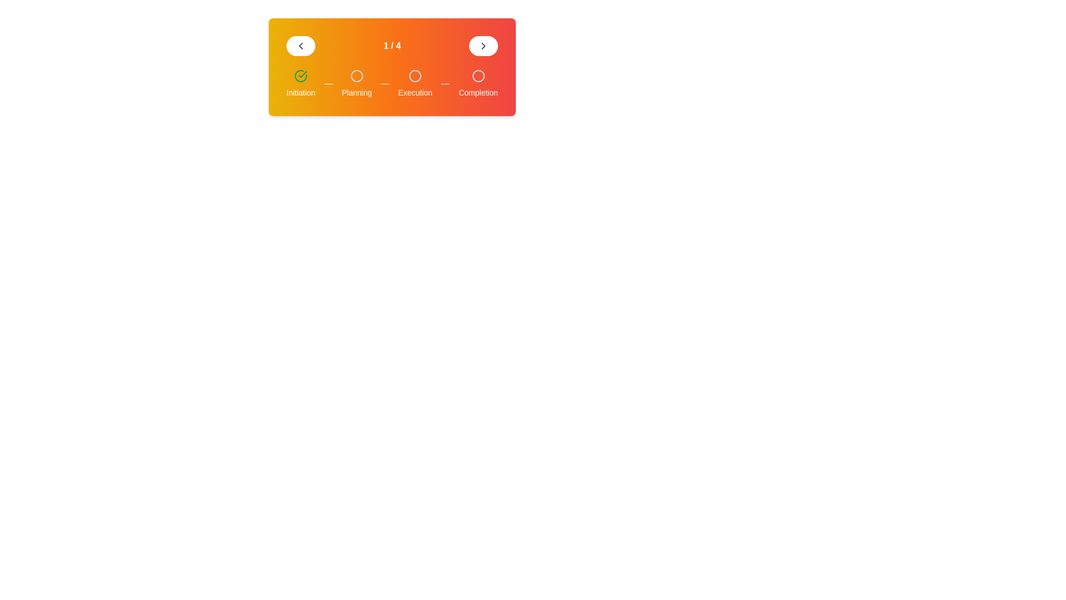 This screenshot has width=1066, height=600. What do you see at coordinates (301, 76) in the screenshot?
I see `the 'Initiation' step indicator icon located on the far left of the horizontal step progress bar` at bounding box center [301, 76].